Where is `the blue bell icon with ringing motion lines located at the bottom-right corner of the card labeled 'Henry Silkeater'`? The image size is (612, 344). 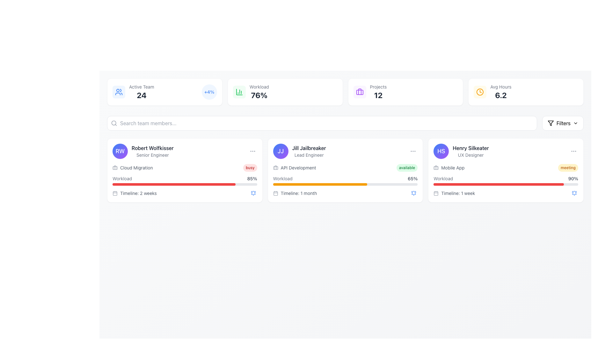 the blue bell icon with ringing motion lines located at the bottom-right corner of the card labeled 'Henry Silkeater' is located at coordinates (414, 193).